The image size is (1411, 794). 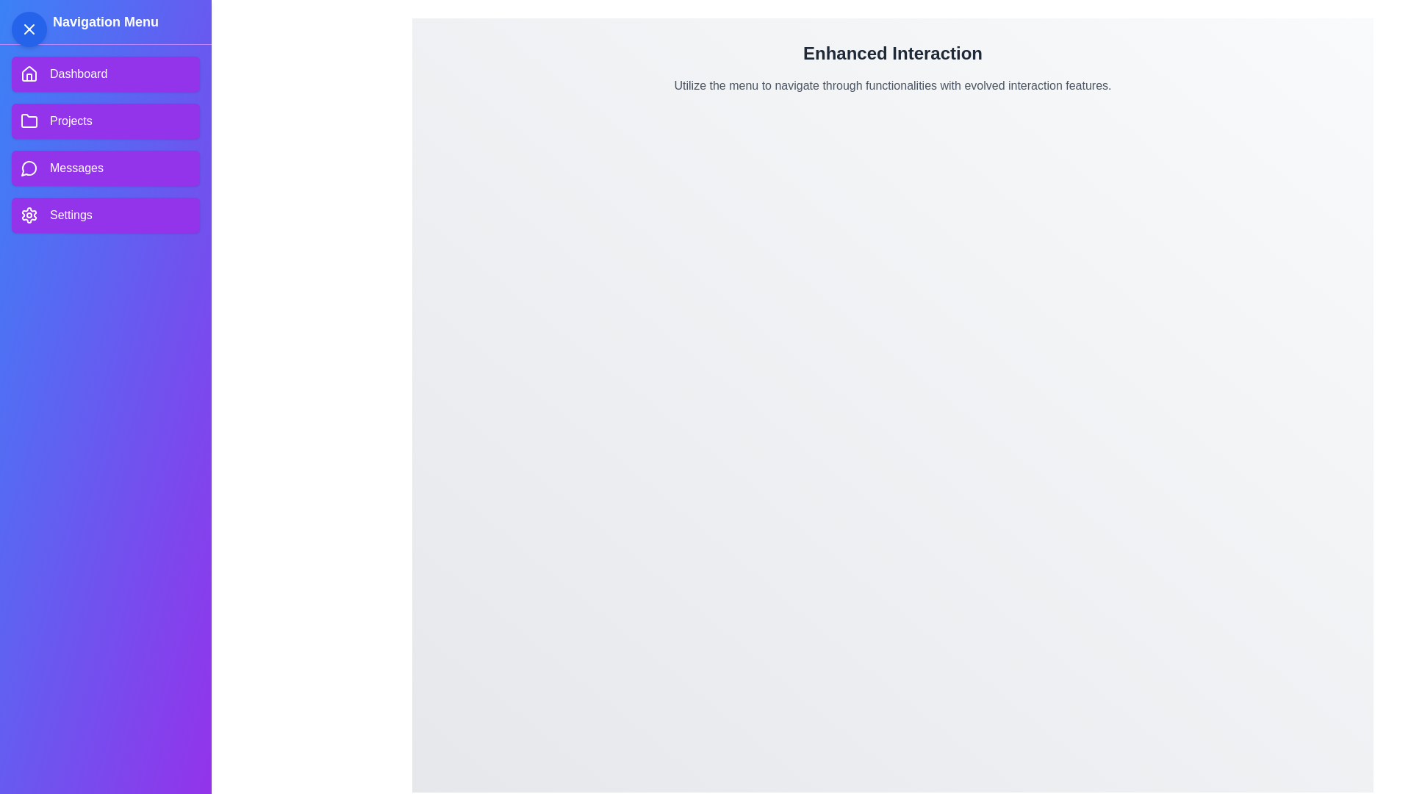 What do you see at coordinates (105, 121) in the screenshot?
I see `the Projects menu item in the navigation drawer` at bounding box center [105, 121].